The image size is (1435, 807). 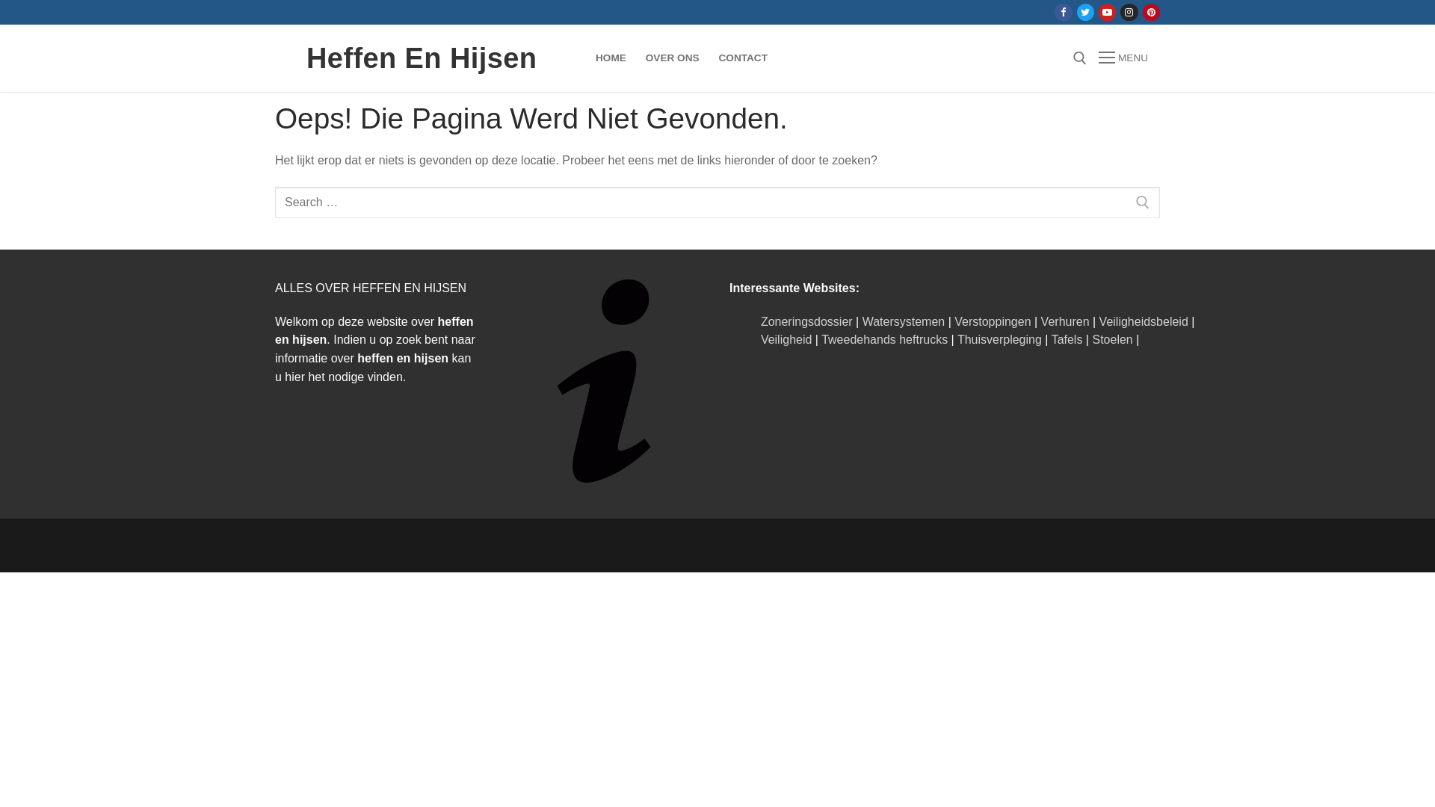 I want to click on 'Tafels', so click(x=1066, y=339).